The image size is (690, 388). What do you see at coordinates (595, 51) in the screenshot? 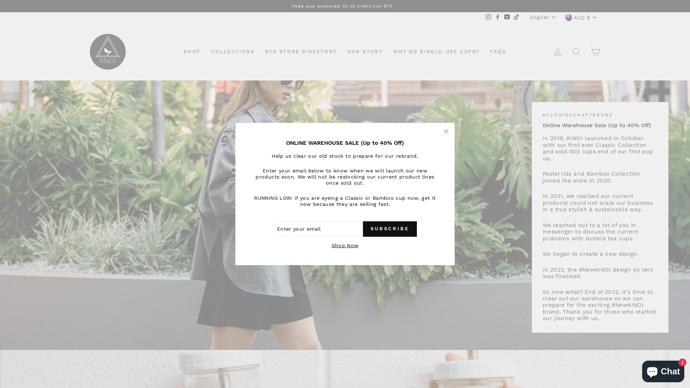
I see `'CART'` at bounding box center [595, 51].